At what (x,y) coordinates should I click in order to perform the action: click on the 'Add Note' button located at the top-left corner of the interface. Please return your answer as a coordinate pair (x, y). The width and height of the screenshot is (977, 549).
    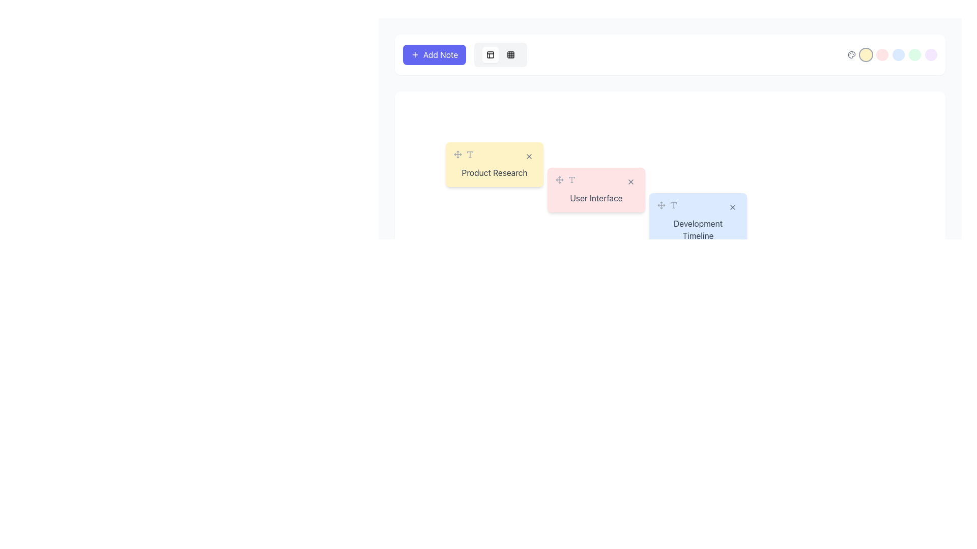
    Looking at the image, I should click on (435, 55).